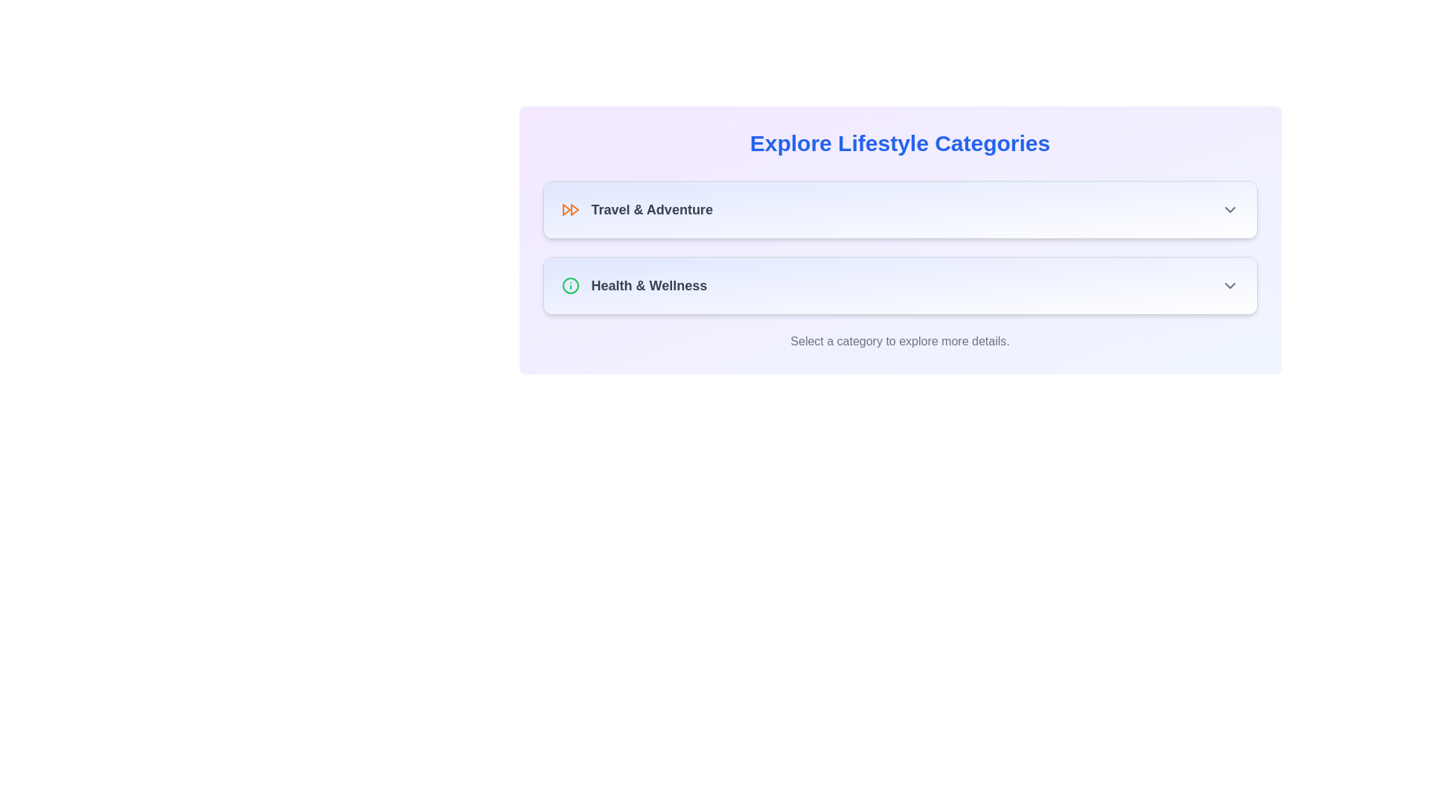 This screenshot has height=804, width=1429. Describe the element at coordinates (899, 286) in the screenshot. I see `the 'Health & Wellness' menu item button for accessibility navigation` at that location.